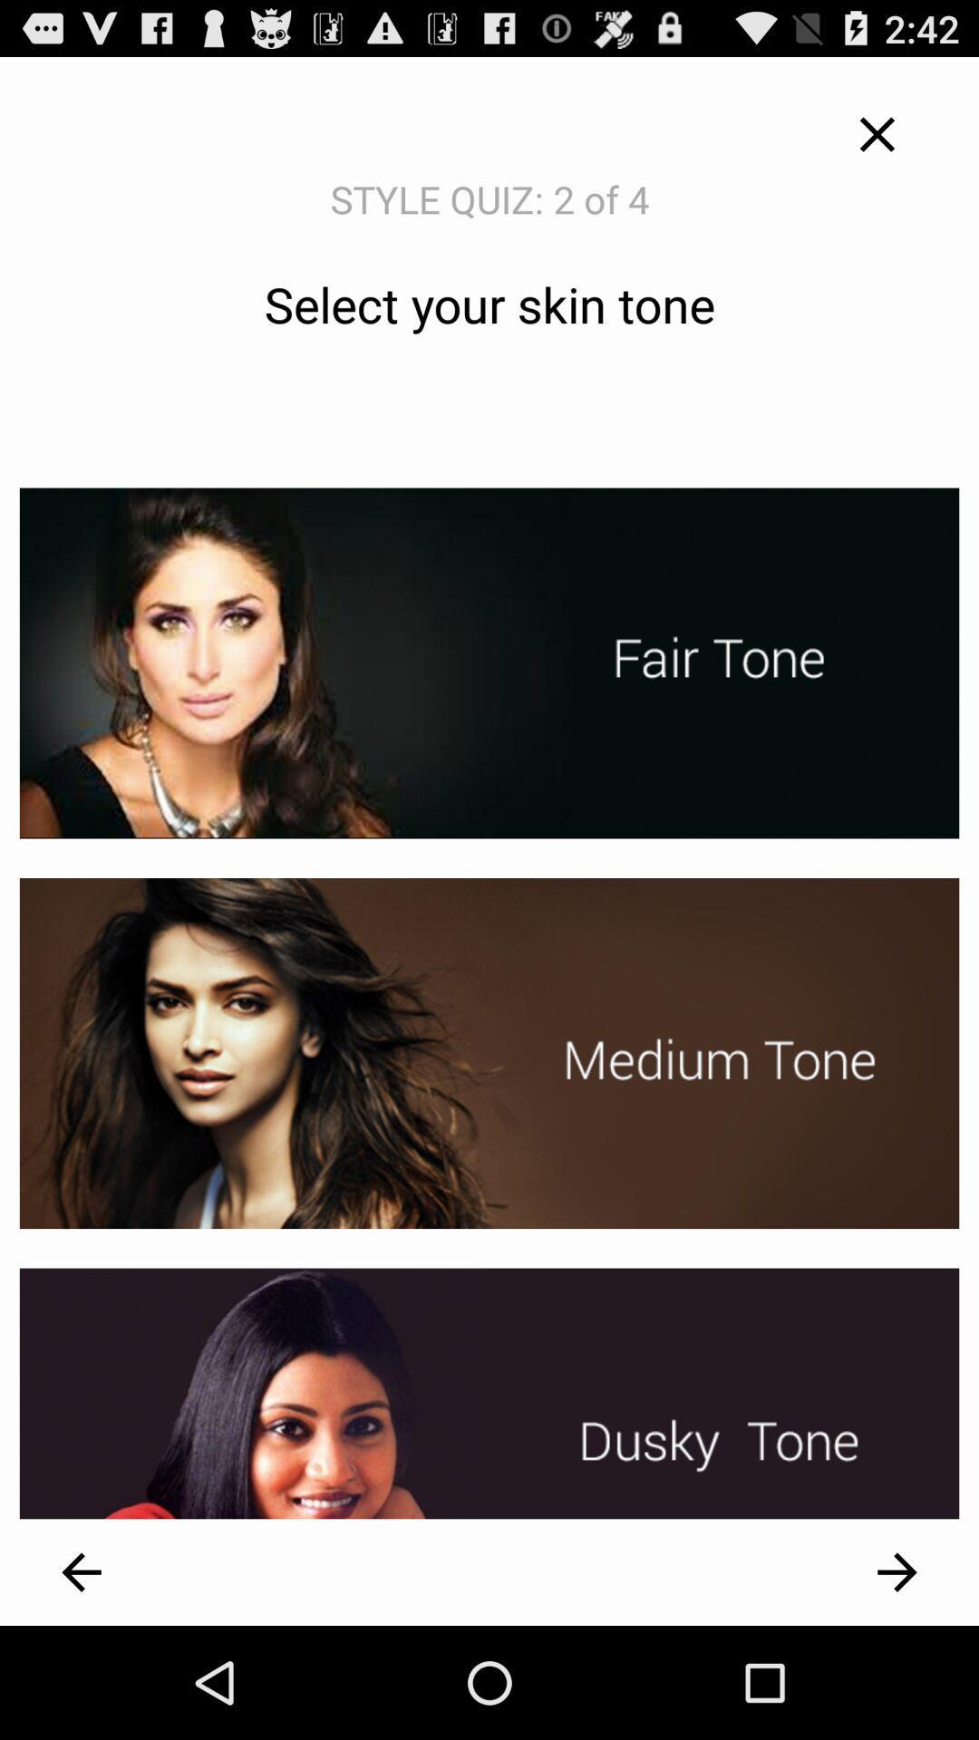 The image size is (979, 1740). I want to click on the font icon, so click(876, 142).